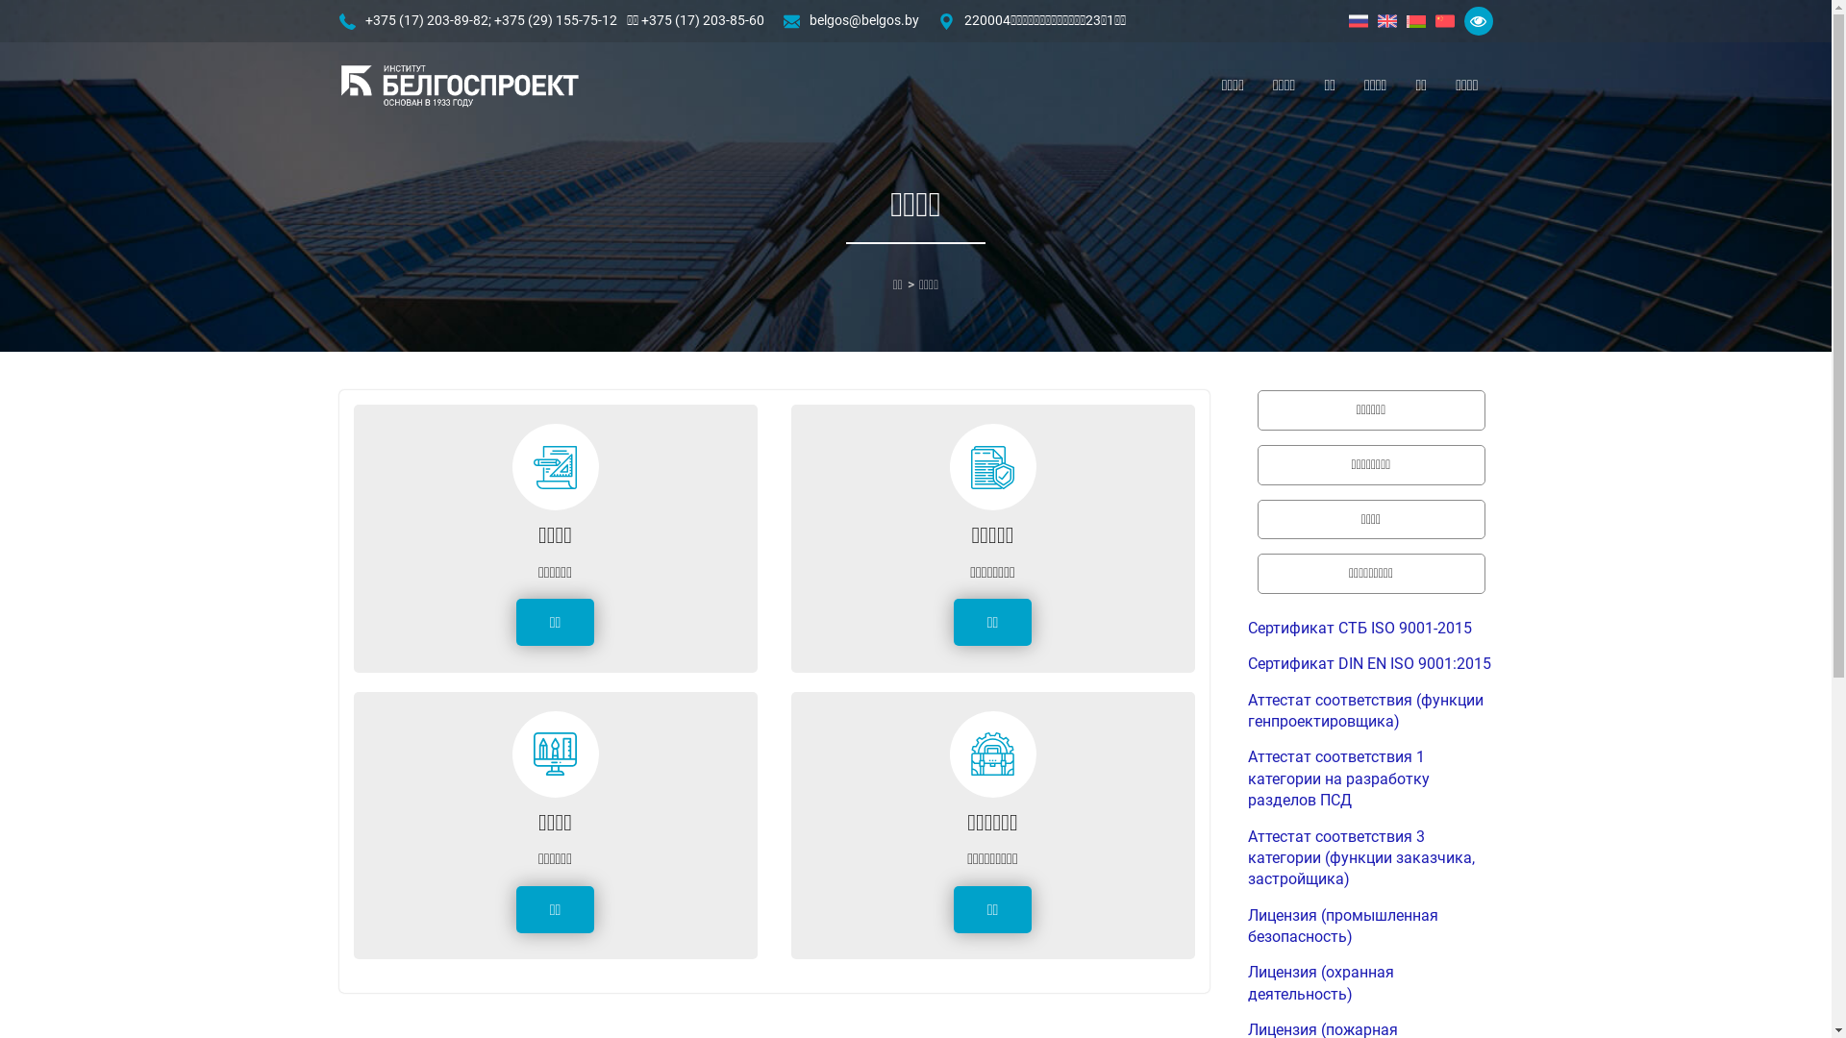 The width and height of the screenshot is (1846, 1038). Describe the element at coordinates (490, 21) in the screenshot. I see `'+375 (17) 203-89-82; +375 (29) 155-75-12'` at that location.